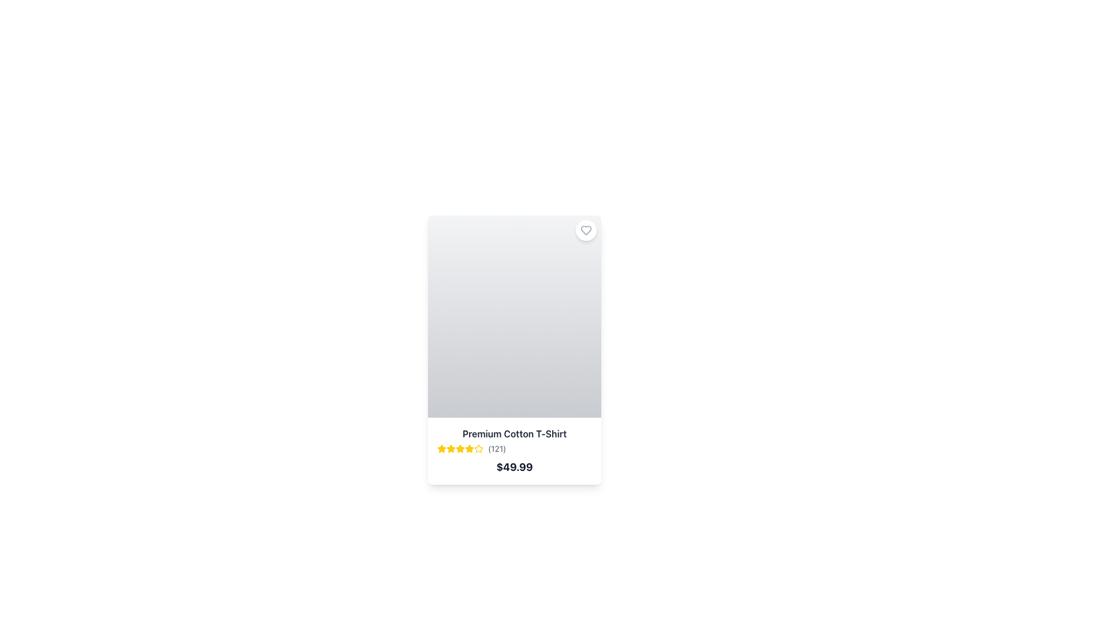  Describe the element at coordinates (586, 230) in the screenshot. I see `the heart icon located at the top-right corner of the card layout to signify a preference or save the associated item` at that location.